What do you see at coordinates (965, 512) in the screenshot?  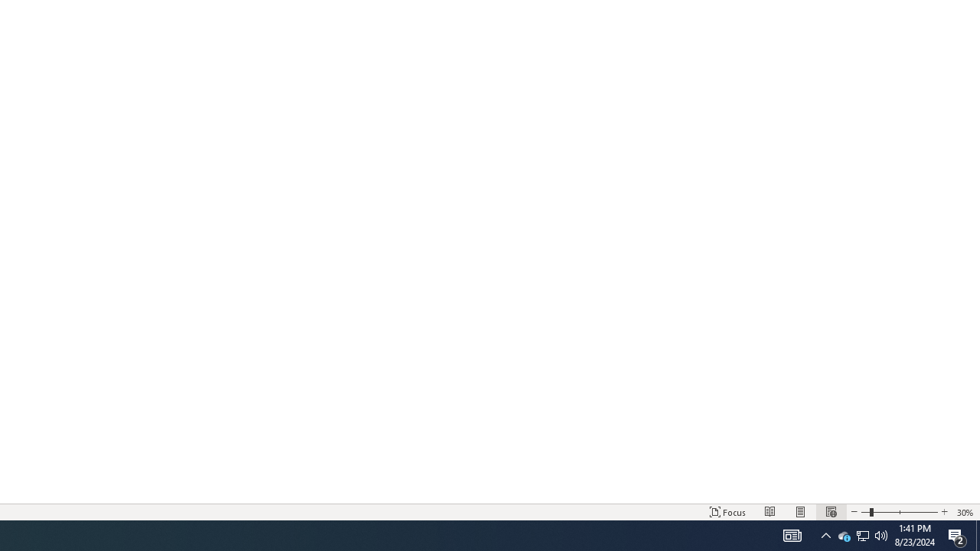 I see `'Zoom 30%'` at bounding box center [965, 512].